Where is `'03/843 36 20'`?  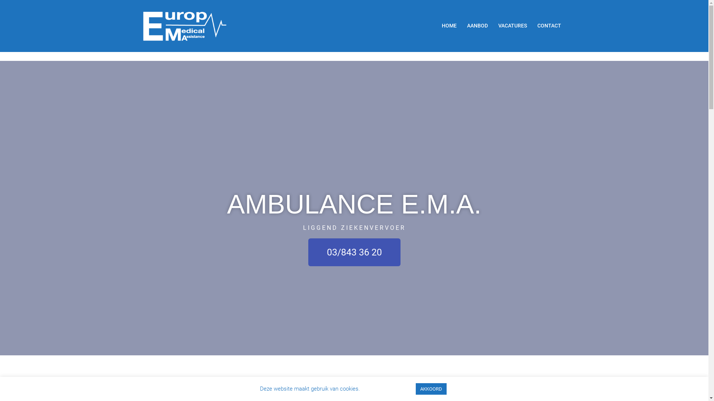 '03/843 36 20' is located at coordinates (308, 252).